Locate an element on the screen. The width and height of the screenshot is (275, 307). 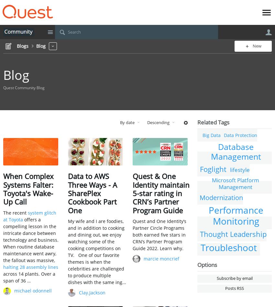
'Blogs' is located at coordinates (23, 46).